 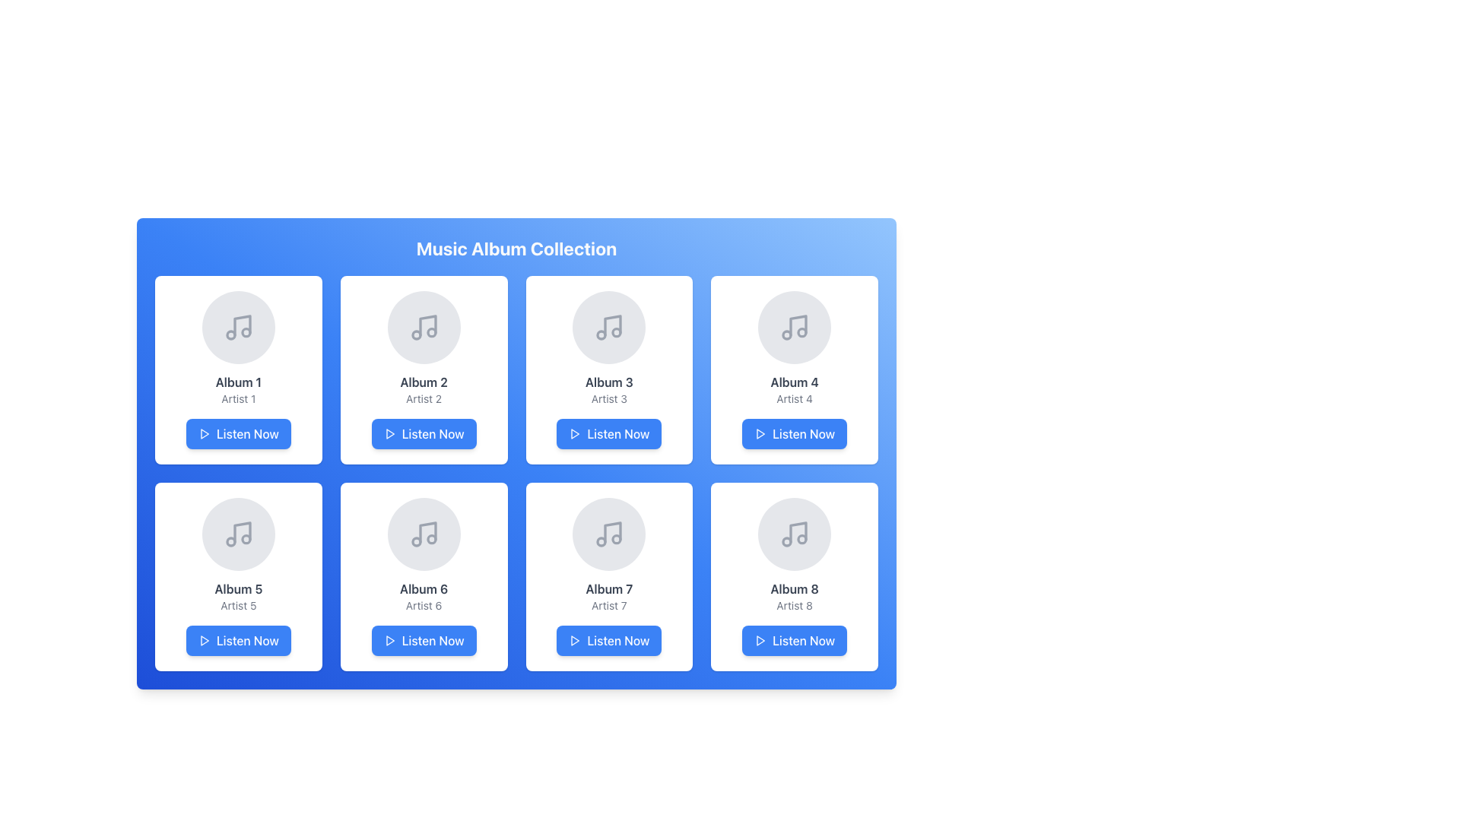 What do you see at coordinates (794, 433) in the screenshot?
I see `the playback button located at the bottom of the fourth card titled 'Album 4' with subtitle 'Artist 4'` at bounding box center [794, 433].